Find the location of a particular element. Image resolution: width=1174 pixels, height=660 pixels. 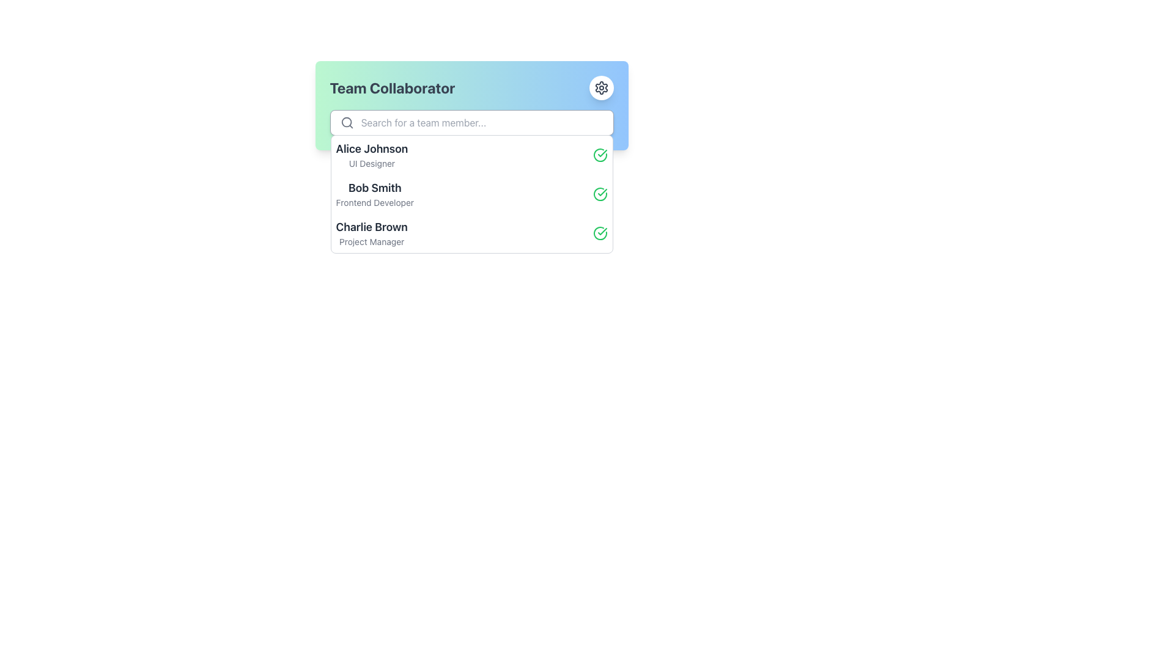

the static text displaying the name of a team member, located above the title 'Project Manager' and below 'Bob Smith' is located at coordinates (371, 227).